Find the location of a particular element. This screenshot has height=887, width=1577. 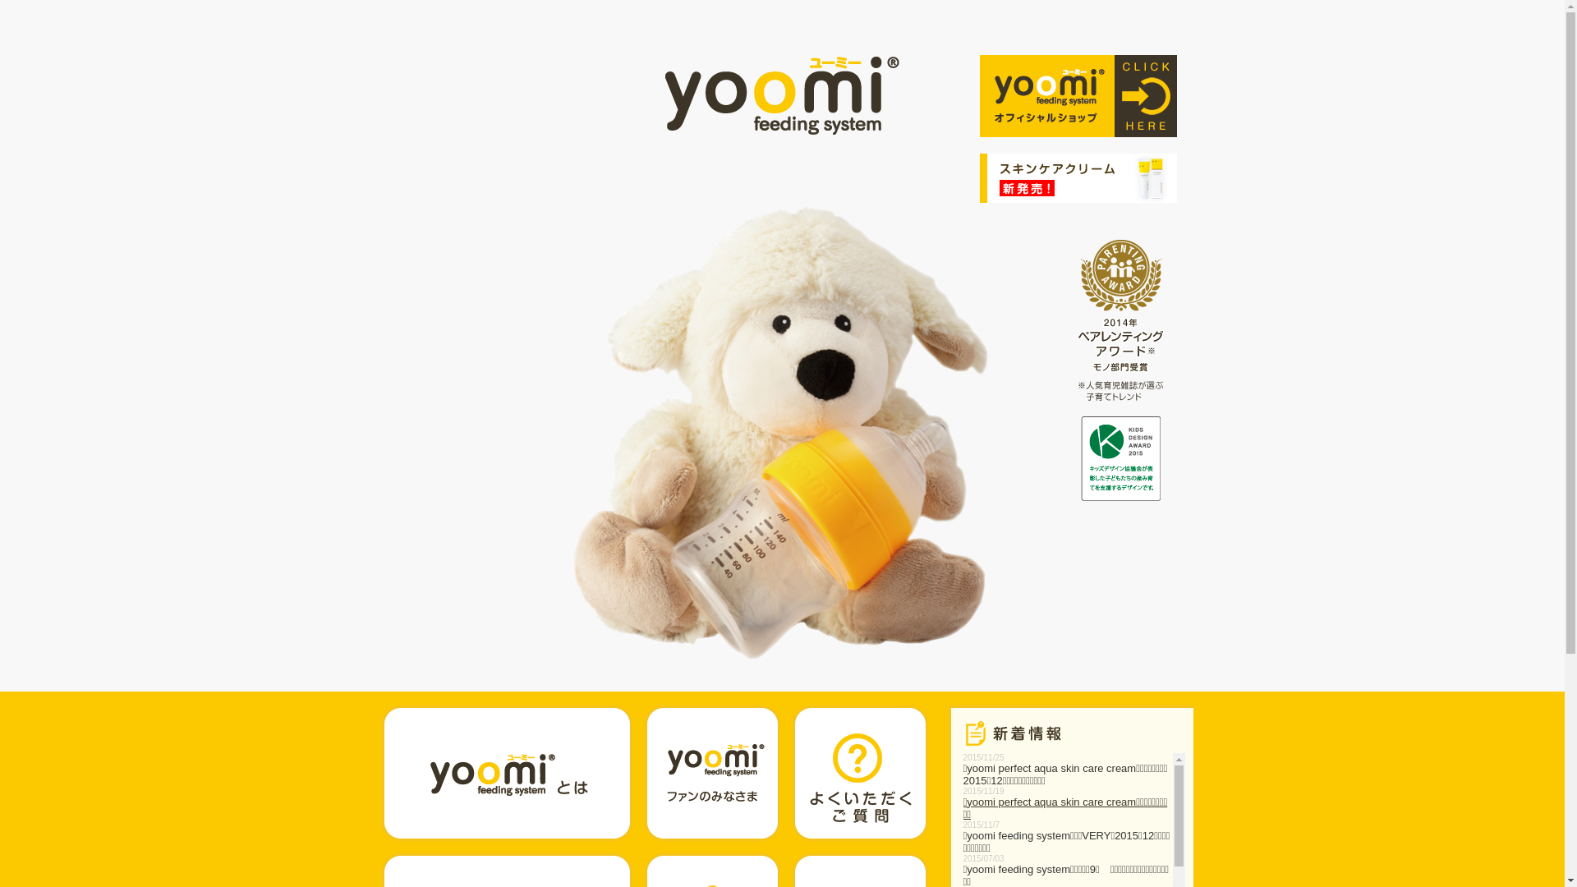

'yoomi JAPAN' is located at coordinates (781, 95).